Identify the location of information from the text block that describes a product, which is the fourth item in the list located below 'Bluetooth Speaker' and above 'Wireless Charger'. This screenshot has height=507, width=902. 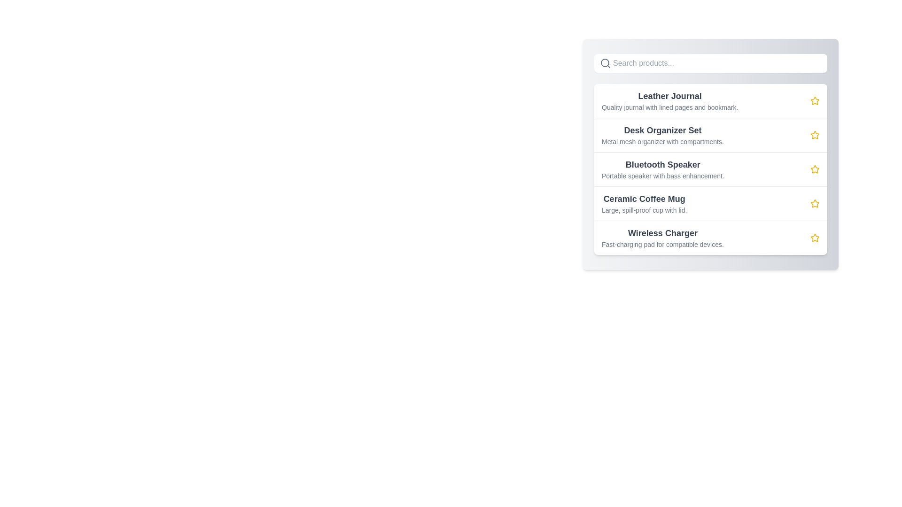
(644, 203).